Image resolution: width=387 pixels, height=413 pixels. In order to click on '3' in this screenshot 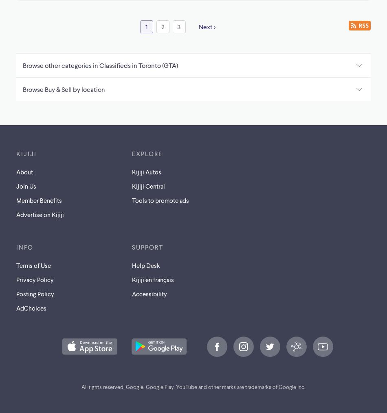, I will do `click(178, 26)`.